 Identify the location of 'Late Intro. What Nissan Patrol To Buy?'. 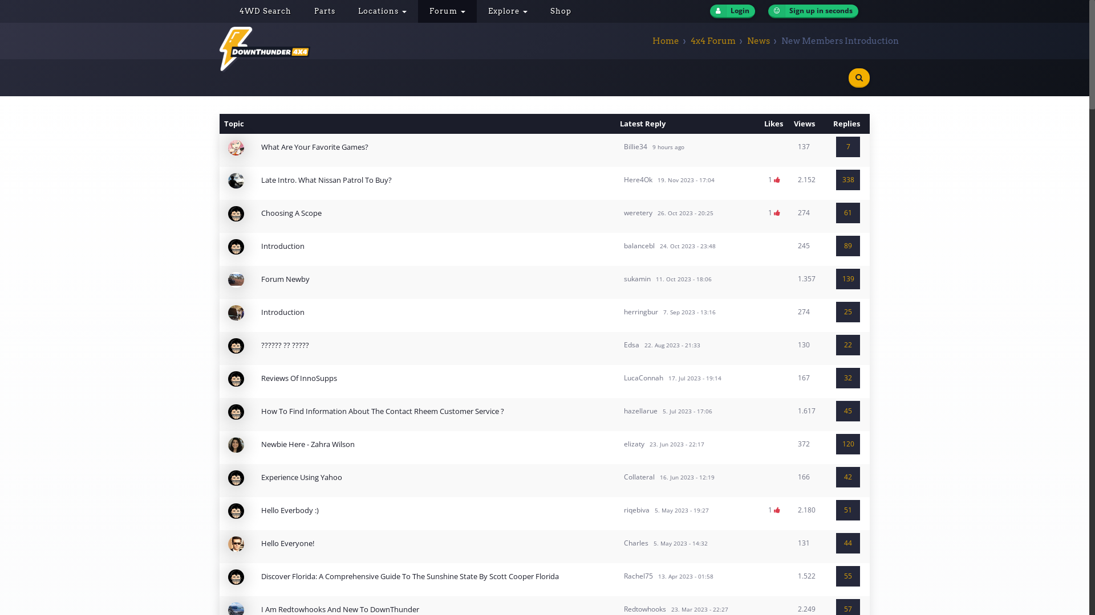
(260, 179).